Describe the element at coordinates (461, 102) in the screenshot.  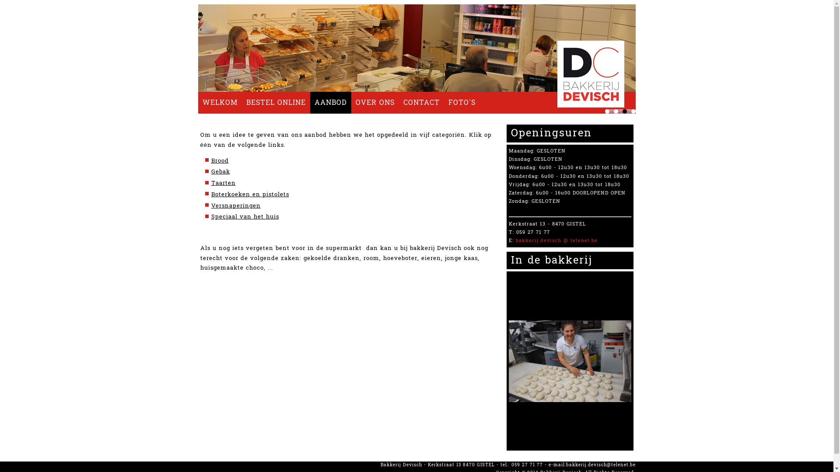
I see `'FOTO'S'` at that location.